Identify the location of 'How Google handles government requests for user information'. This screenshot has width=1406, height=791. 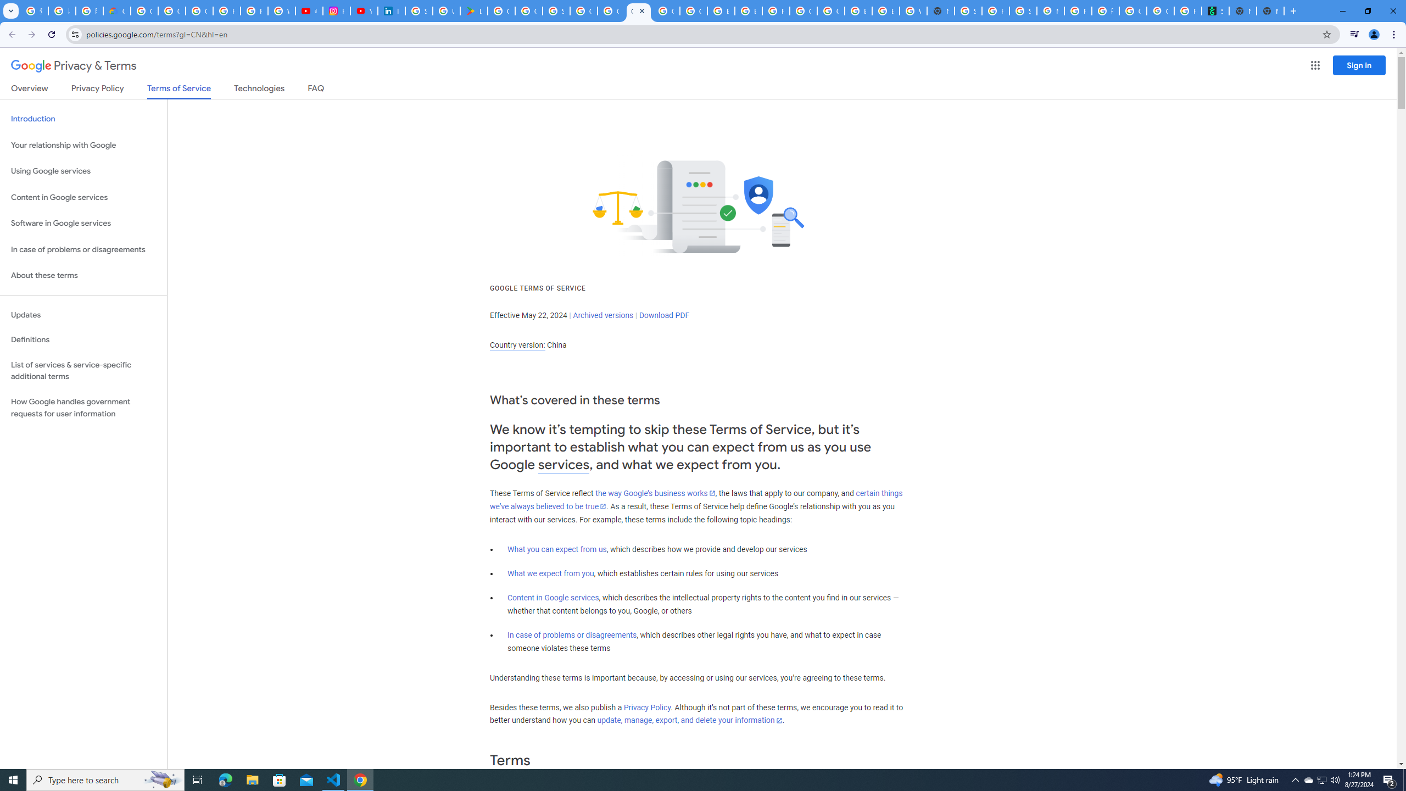
(83, 408).